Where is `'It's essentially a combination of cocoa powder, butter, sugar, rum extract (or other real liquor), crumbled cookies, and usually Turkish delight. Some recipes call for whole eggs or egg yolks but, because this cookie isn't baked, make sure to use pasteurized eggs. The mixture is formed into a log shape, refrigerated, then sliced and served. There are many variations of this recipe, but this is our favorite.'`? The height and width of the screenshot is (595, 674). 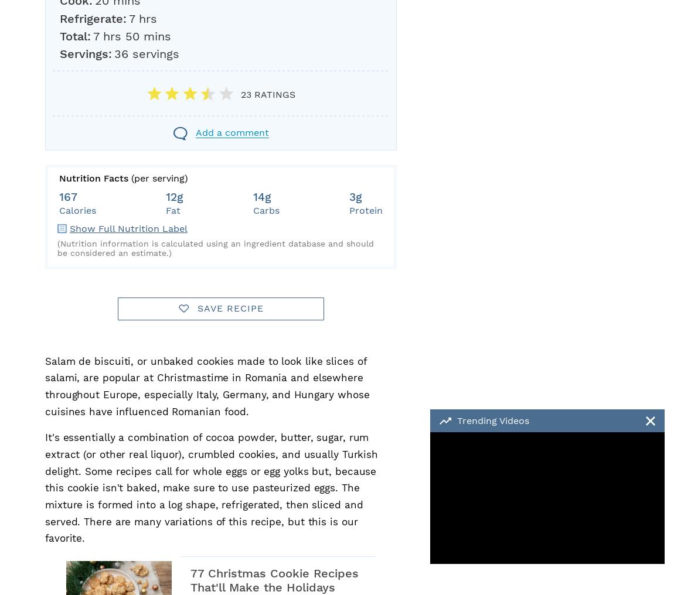 'It's essentially a combination of cocoa powder, butter, sugar, rum extract (or other real liquor), crumbled cookies, and usually Turkish delight. Some recipes call for whole eggs or egg yolks but, because this cookie isn't baked, make sure to use pasteurized eggs. The mixture is formed into a log shape, refrigerated, then sliced and served. There are many variations of this recipe, but this is our favorite.' is located at coordinates (211, 488).